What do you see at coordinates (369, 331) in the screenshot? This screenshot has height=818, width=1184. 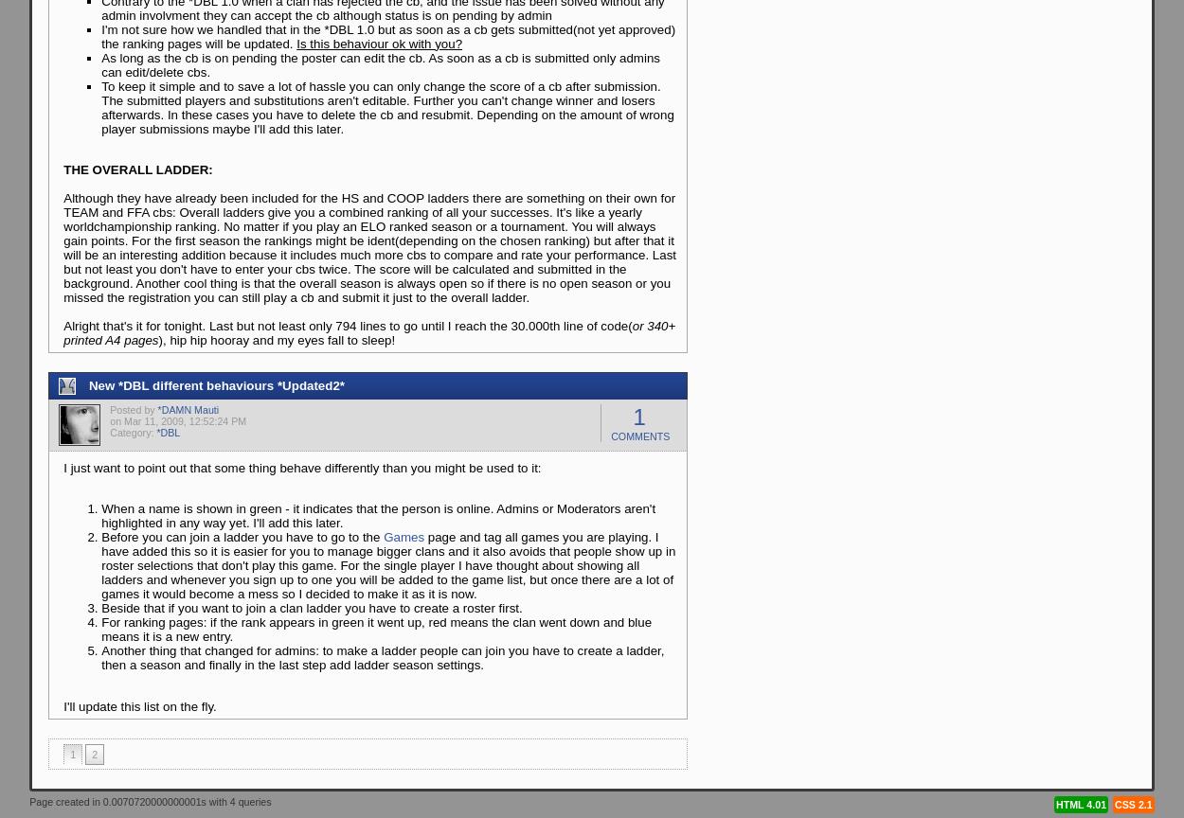 I see `'or 340+ printed A4 pages'` at bounding box center [369, 331].